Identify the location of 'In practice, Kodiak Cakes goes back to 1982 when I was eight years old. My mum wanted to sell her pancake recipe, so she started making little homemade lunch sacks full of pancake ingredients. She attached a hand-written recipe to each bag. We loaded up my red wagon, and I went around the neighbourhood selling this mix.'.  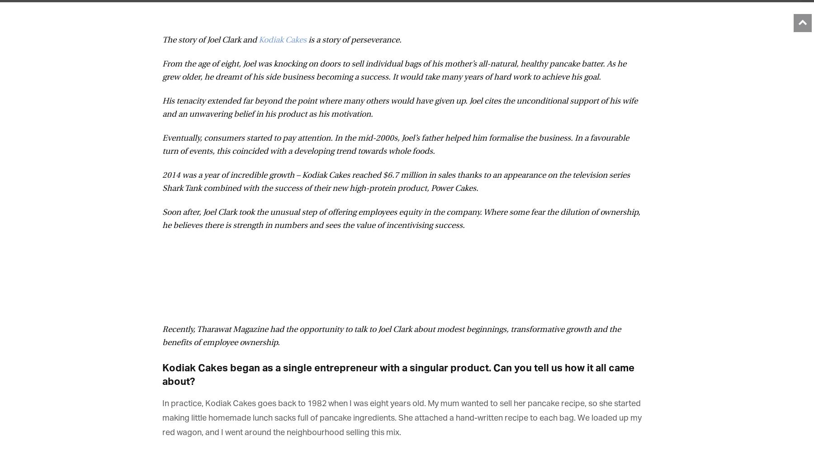
(401, 418).